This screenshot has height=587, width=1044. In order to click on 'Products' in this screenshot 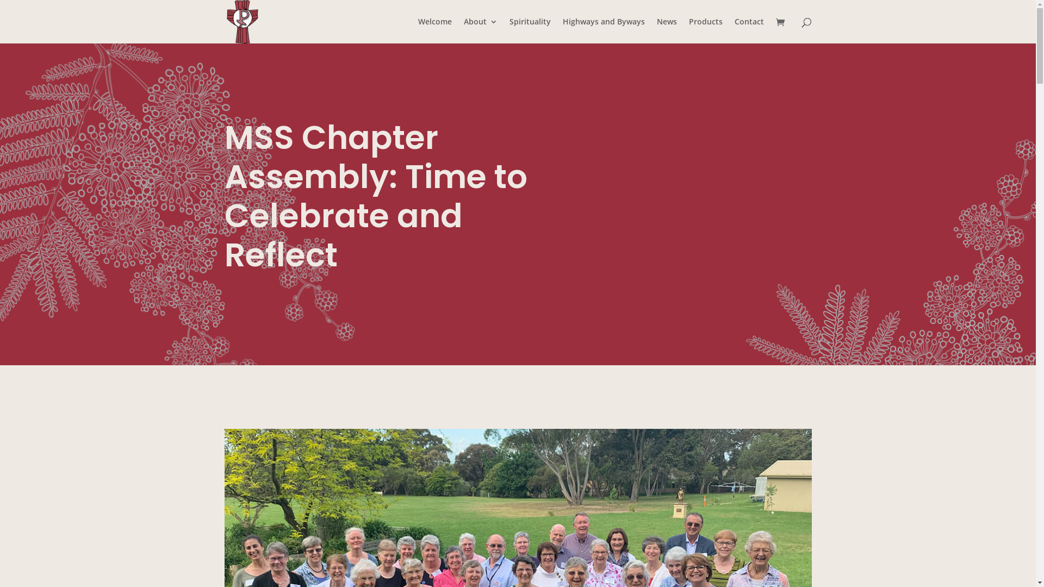, I will do `click(688, 30)`.